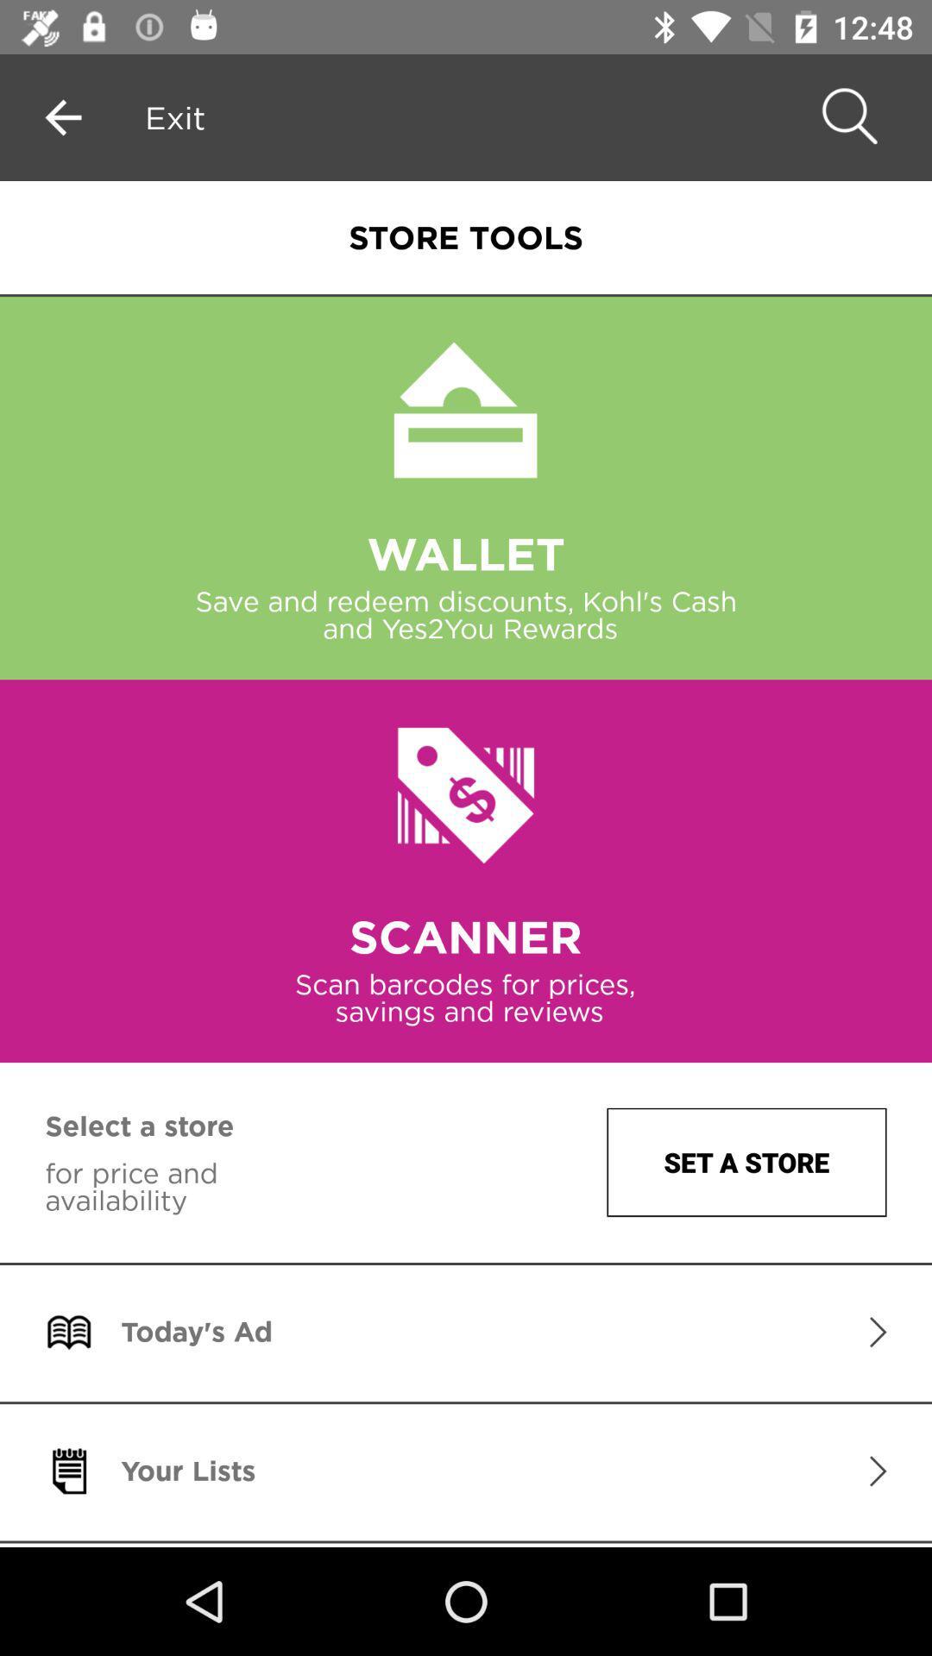 The image size is (932, 1656). What do you see at coordinates (62, 116) in the screenshot?
I see `go back` at bounding box center [62, 116].